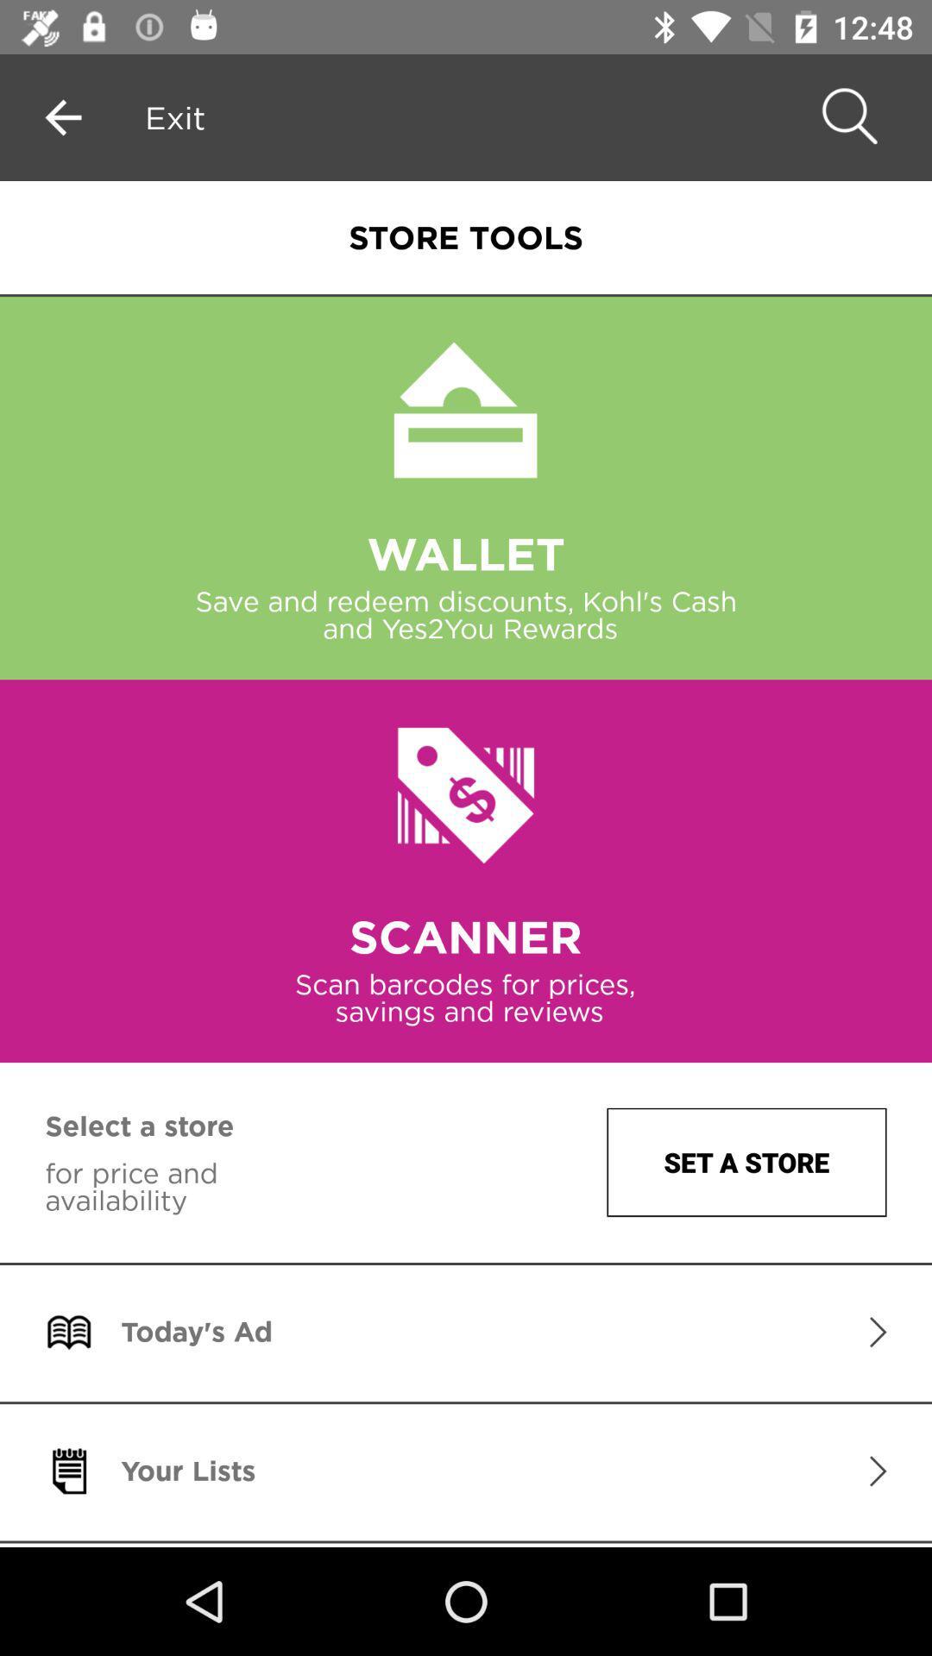 The image size is (932, 1656). What do you see at coordinates (62, 116) in the screenshot?
I see `go back` at bounding box center [62, 116].